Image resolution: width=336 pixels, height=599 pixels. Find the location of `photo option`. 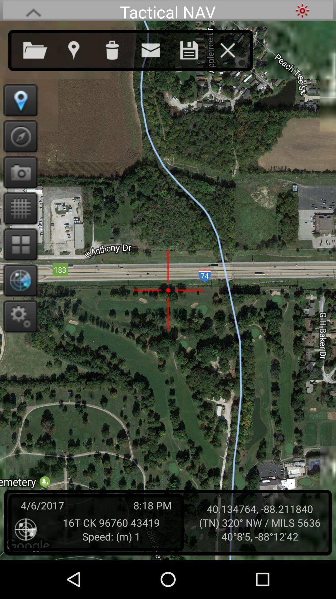

photo option is located at coordinates (18, 172).